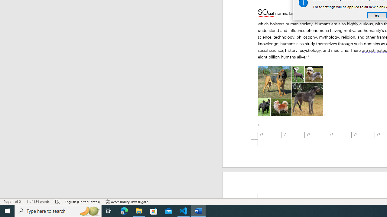  What do you see at coordinates (198, 210) in the screenshot?
I see `'Word - 1 running window'` at bounding box center [198, 210].